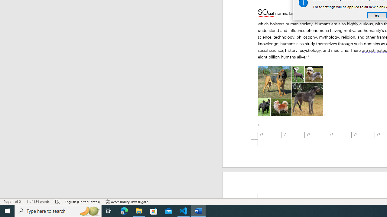  What do you see at coordinates (198, 210) in the screenshot?
I see `'Word - 1 running window'` at bounding box center [198, 210].